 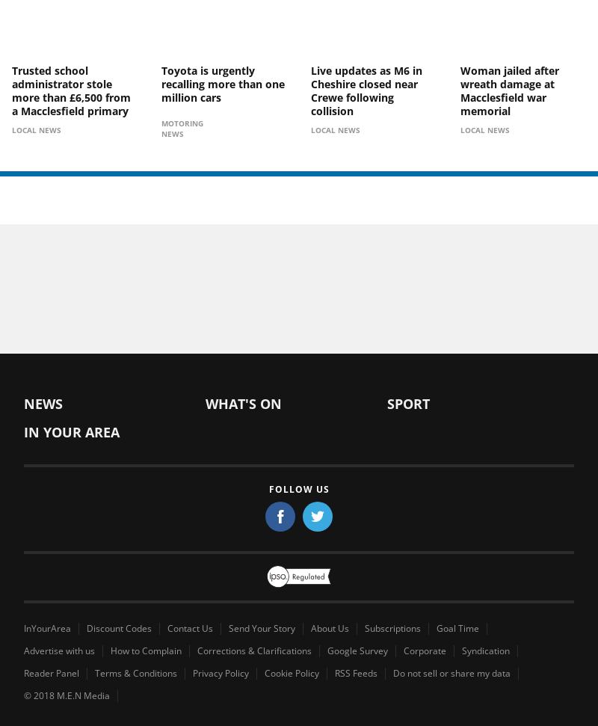 I want to click on 'Syndication', so click(x=485, y=650).